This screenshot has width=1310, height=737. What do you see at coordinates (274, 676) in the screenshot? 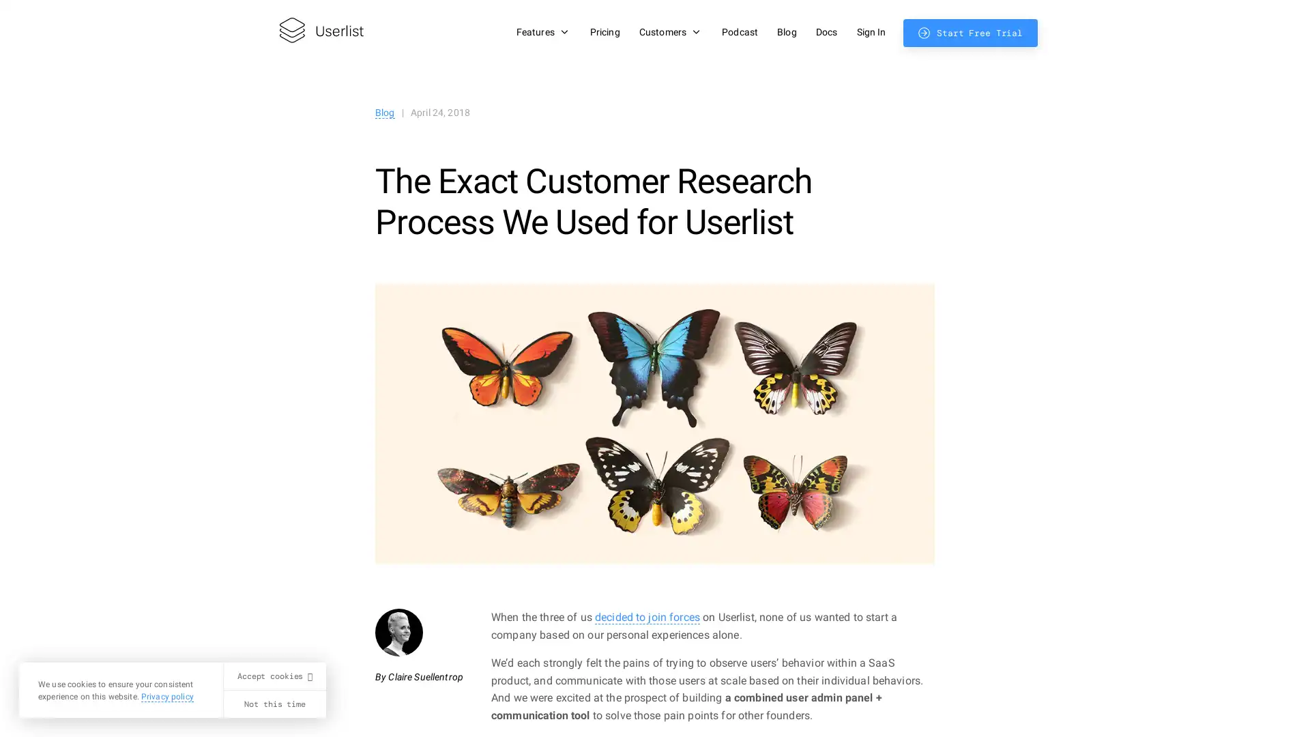
I see `Accept cookies` at bounding box center [274, 676].